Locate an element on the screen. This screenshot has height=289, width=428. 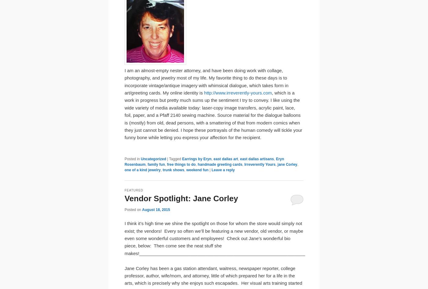
'Featured' is located at coordinates (134, 190).